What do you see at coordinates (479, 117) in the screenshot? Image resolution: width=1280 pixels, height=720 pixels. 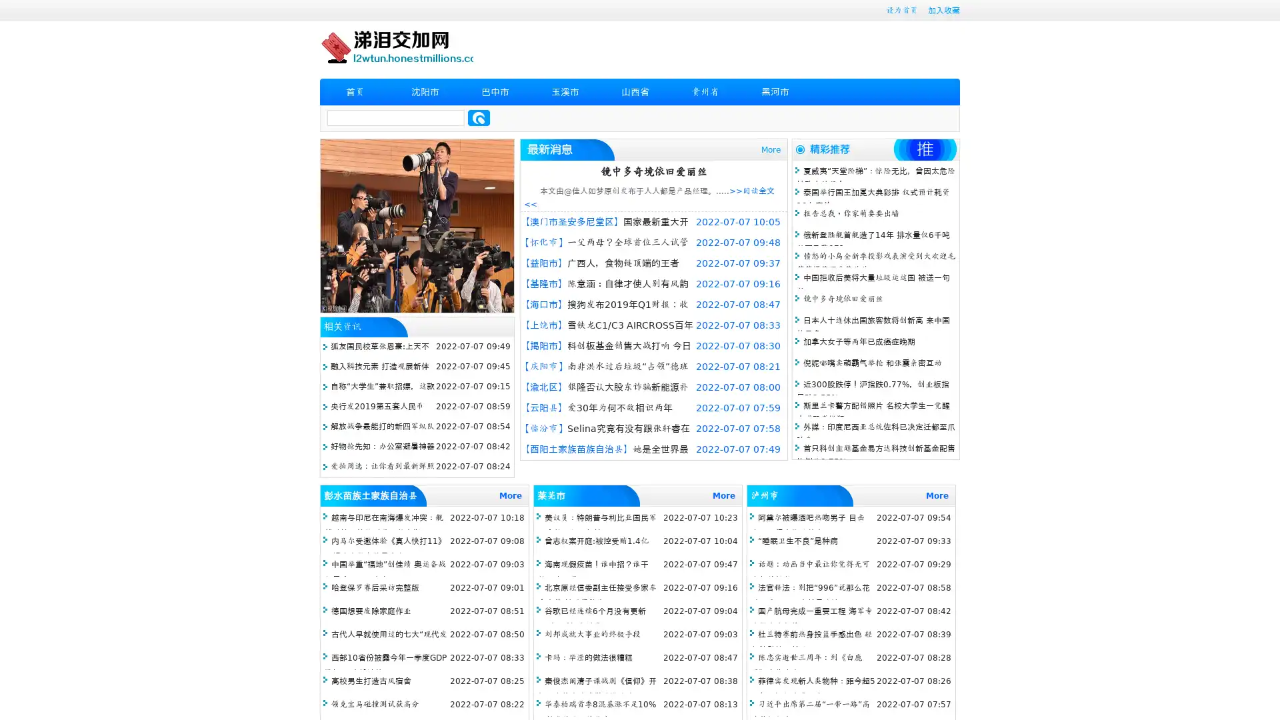 I see `Search` at bounding box center [479, 117].